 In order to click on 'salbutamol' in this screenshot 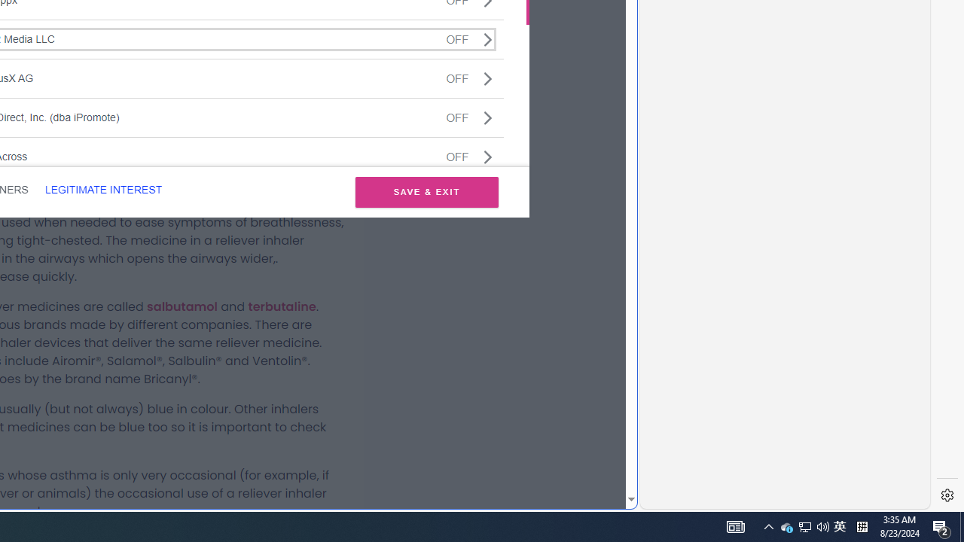, I will do `click(181, 306)`.